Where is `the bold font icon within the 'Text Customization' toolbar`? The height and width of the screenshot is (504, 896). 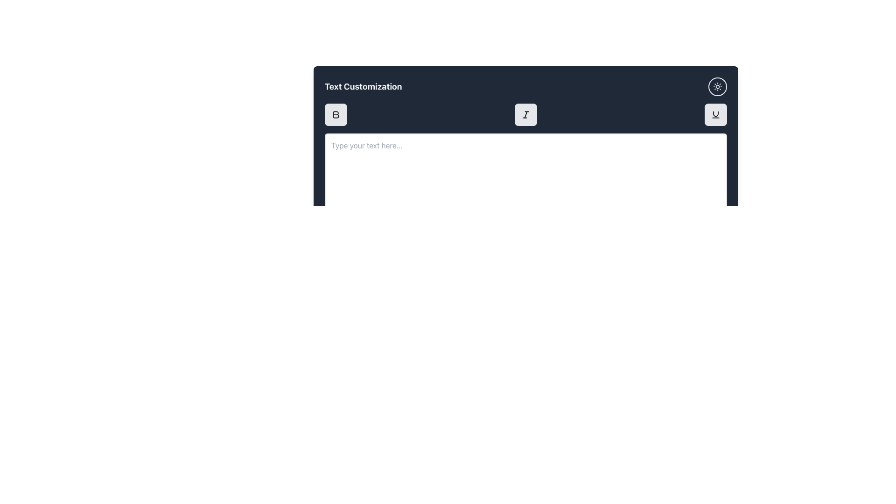
the bold font icon within the 'Text Customization' toolbar is located at coordinates (336, 114).